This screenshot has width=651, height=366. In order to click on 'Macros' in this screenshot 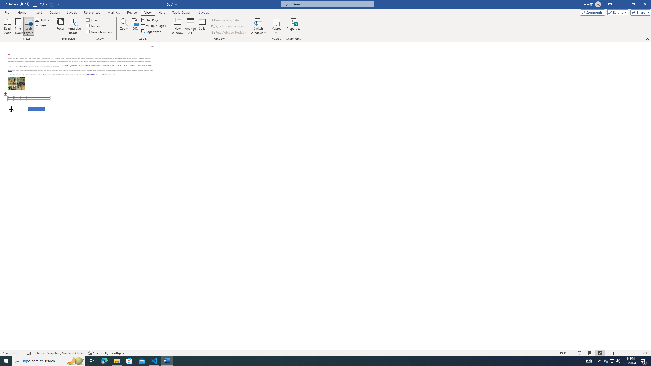, I will do `click(276, 26)`.